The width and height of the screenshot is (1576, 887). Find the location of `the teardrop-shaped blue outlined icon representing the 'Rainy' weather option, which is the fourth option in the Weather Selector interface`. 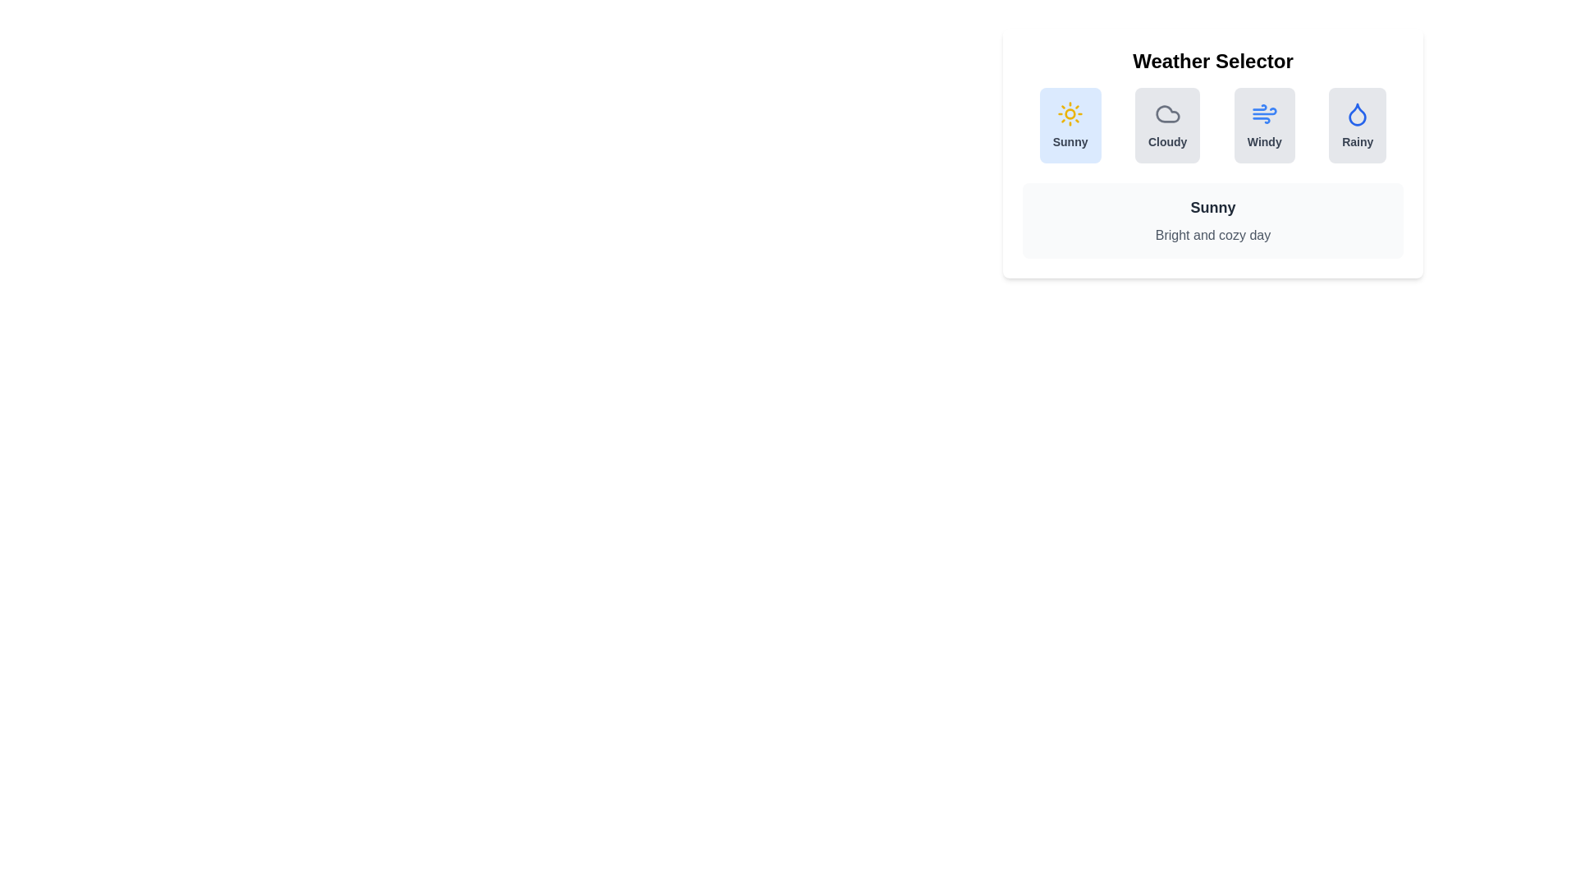

the teardrop-shaped blue outlined icon representing the 'Rainy' weather option, which is the fourth option in the Weather Selector interface is located at coordinates (1358, 113).